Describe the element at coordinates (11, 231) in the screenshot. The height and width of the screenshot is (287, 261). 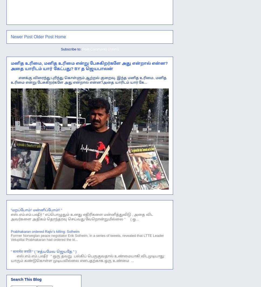
I see `'Prabhakaran ordered Rajiv’s killing: Solheim'` at that location.